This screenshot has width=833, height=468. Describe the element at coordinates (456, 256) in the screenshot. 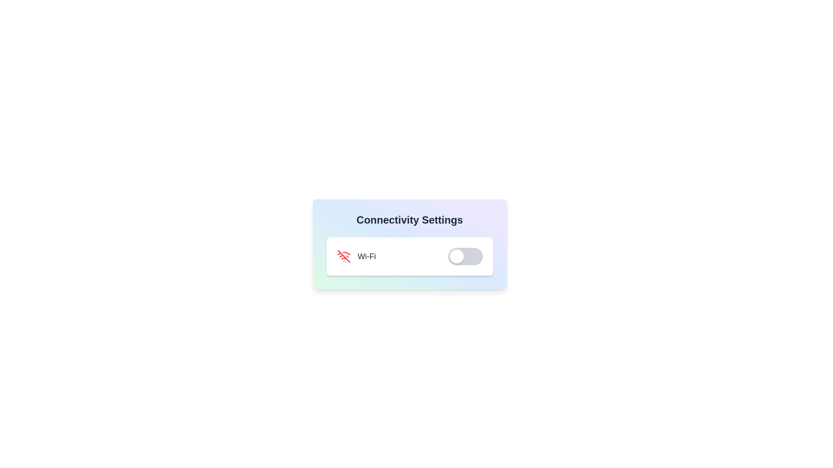

I see `the small circular Draggable toggle handle located towards the left end of the toggle switch under the text 'Wi-Fi'` at that location.